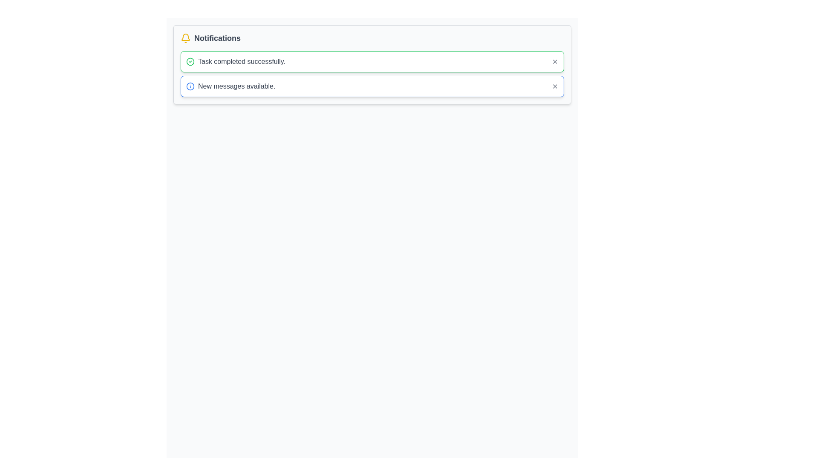 This screenshot has height=460, width=818. Describe the element at coordinates (555, 86) in the screenshot. I see `the close button located at the top-right corner of the notification card displaying 'New messages available.'` at that location.